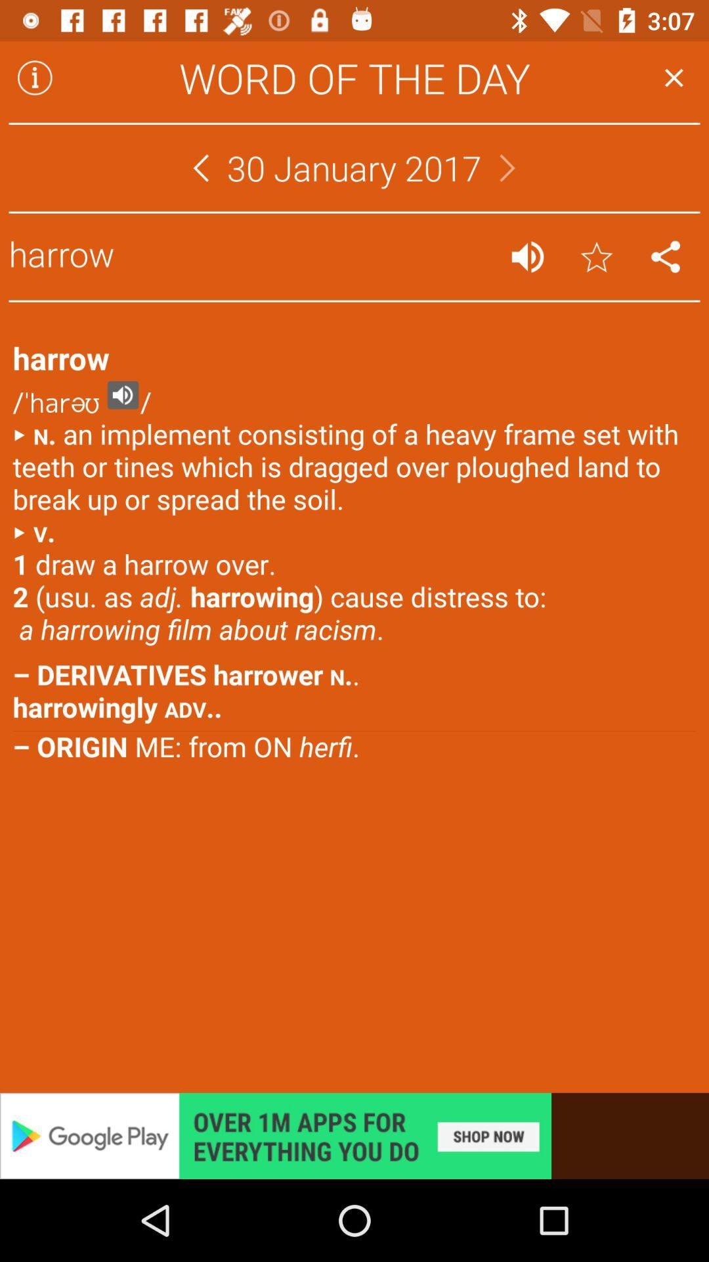  What do you see at coordinates (34, 77) in the screenshot?
I see `displays information` at bounding box center [34, 77].